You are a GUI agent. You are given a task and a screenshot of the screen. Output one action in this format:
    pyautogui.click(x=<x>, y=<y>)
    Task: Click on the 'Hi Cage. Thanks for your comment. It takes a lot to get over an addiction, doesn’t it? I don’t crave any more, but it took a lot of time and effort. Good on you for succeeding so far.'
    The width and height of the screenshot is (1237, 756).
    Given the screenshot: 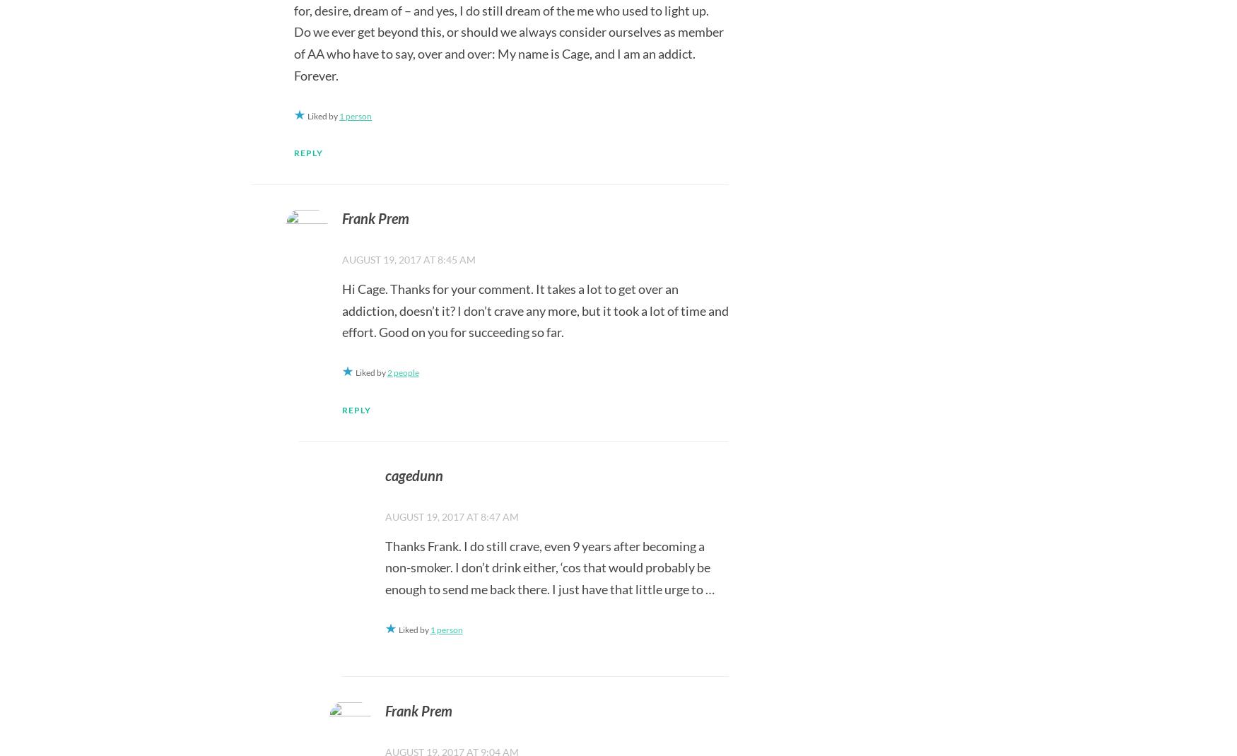 What is the action you would take?
    pyautogui.click(x=534, y=309)
    